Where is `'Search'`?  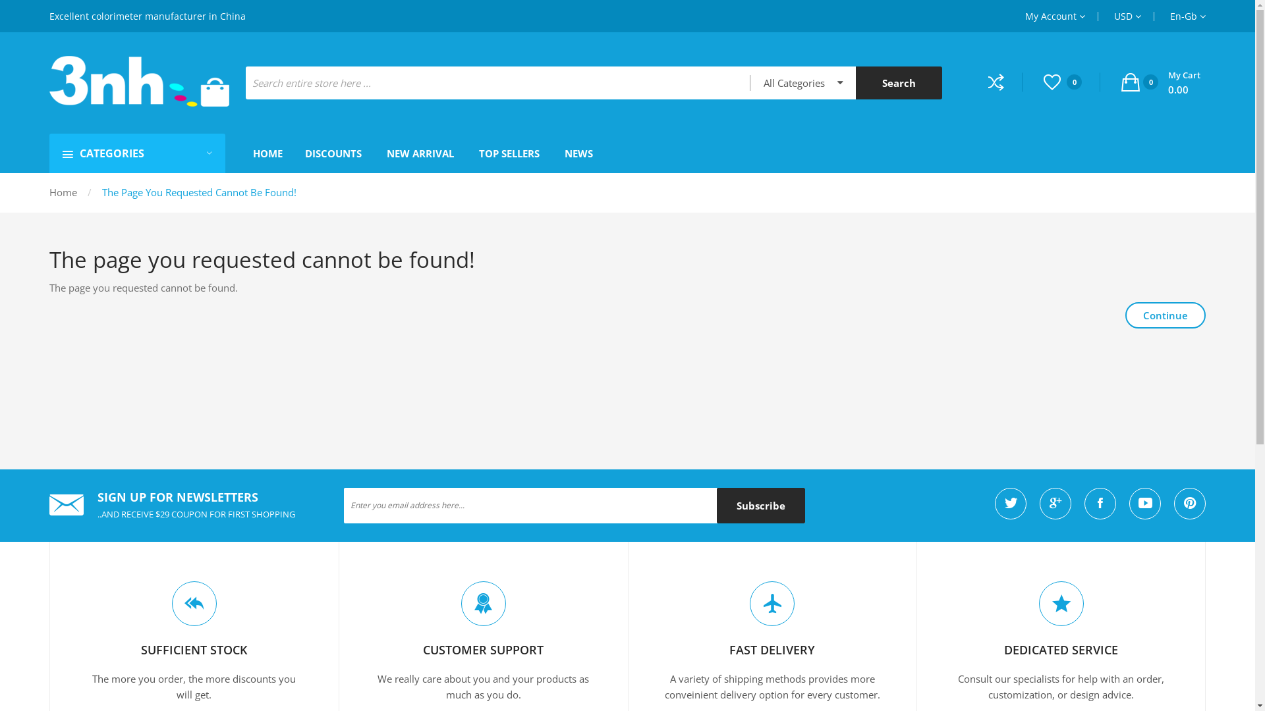 'Search' is located at coordinates (898, 83).